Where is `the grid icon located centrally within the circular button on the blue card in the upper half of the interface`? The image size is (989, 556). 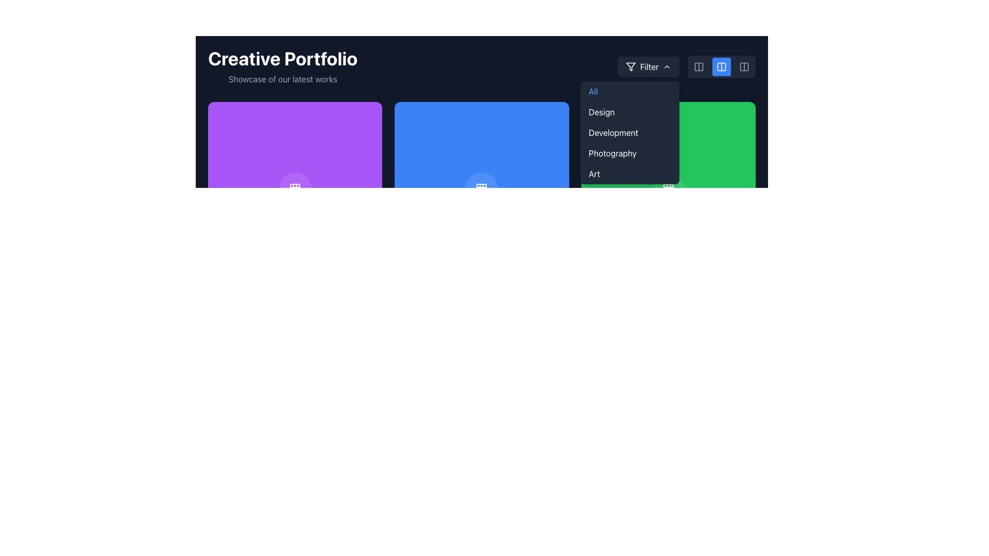 the grid icon located centrally within the circular button on the blue card in the upper half of the interface is located at coordinates (481, 189).